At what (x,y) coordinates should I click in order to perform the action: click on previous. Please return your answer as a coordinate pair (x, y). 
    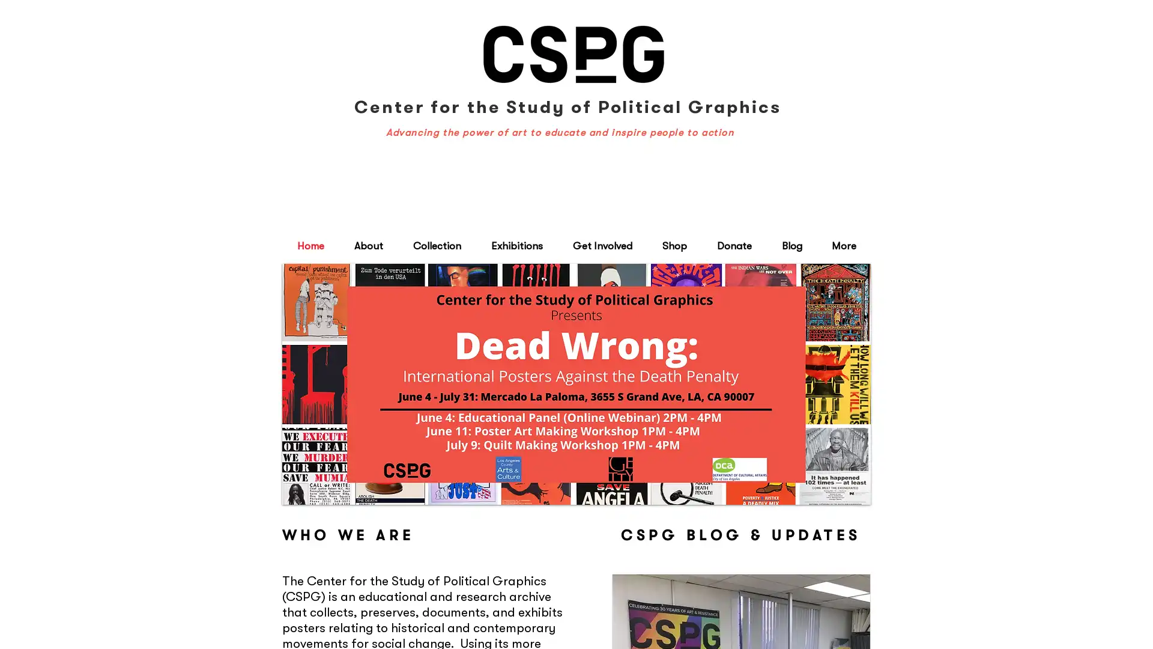
    Looking at the image, I should click on (307, 384).